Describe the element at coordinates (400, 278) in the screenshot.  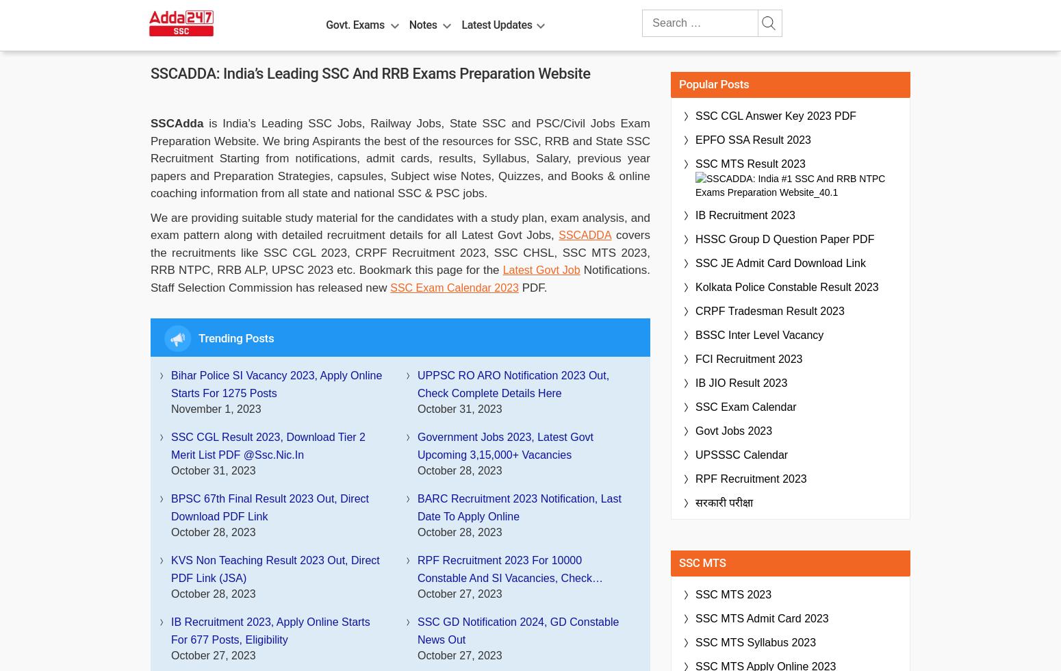
I see `'Notifications. Staff Selection Commission has released new'` at that location.